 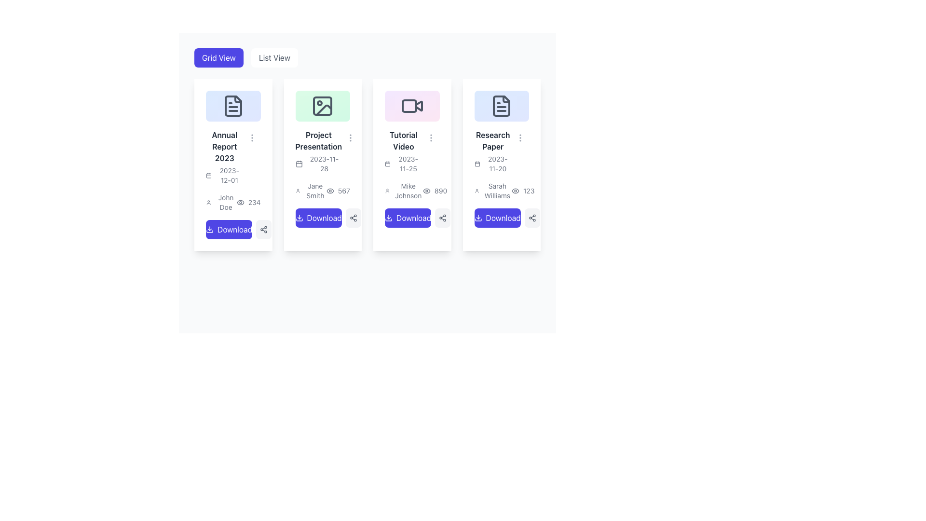 What do you see at coordinates (330, 191) in the screenshot?
I see `the icon located in the 'Project Presentation' card, which is positioned to the left of the number '567' and below the name 'Jane Smith'` at bounding box center [330, 191].